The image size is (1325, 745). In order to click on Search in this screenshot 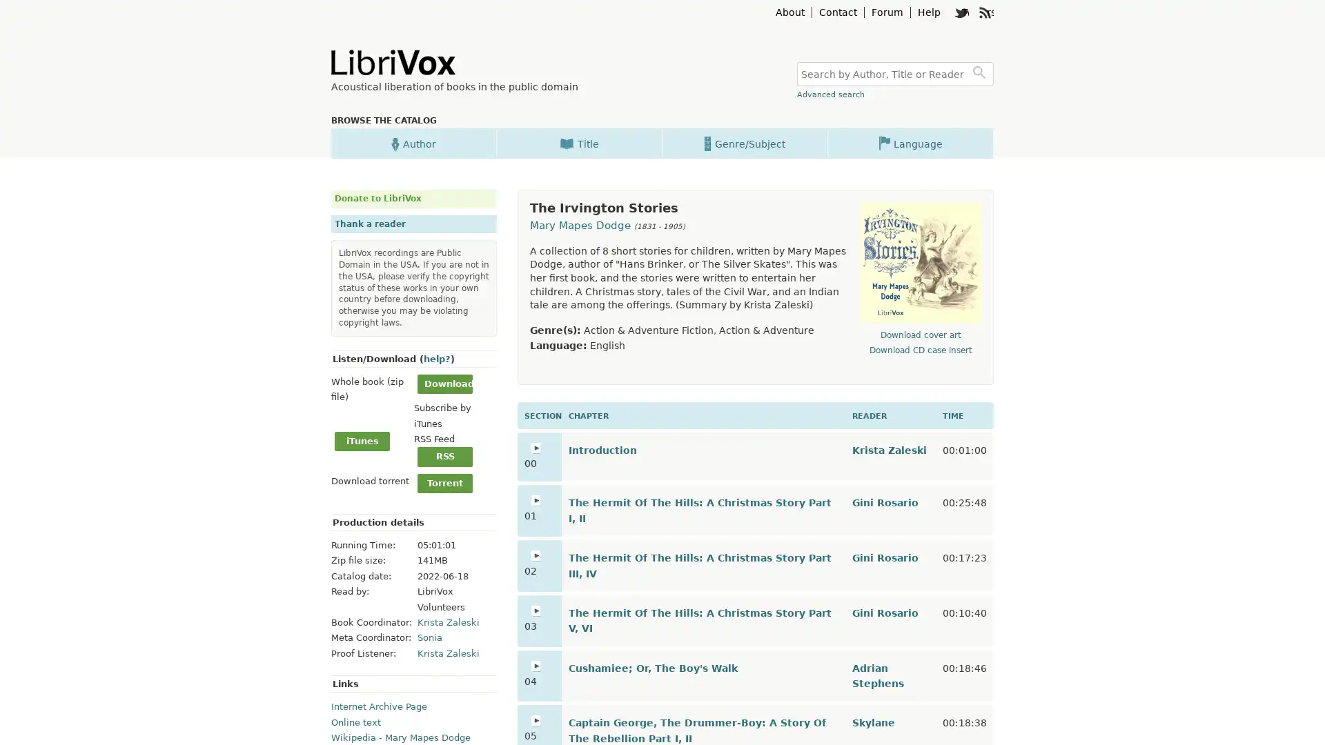, I will do `click(981, 74)`.